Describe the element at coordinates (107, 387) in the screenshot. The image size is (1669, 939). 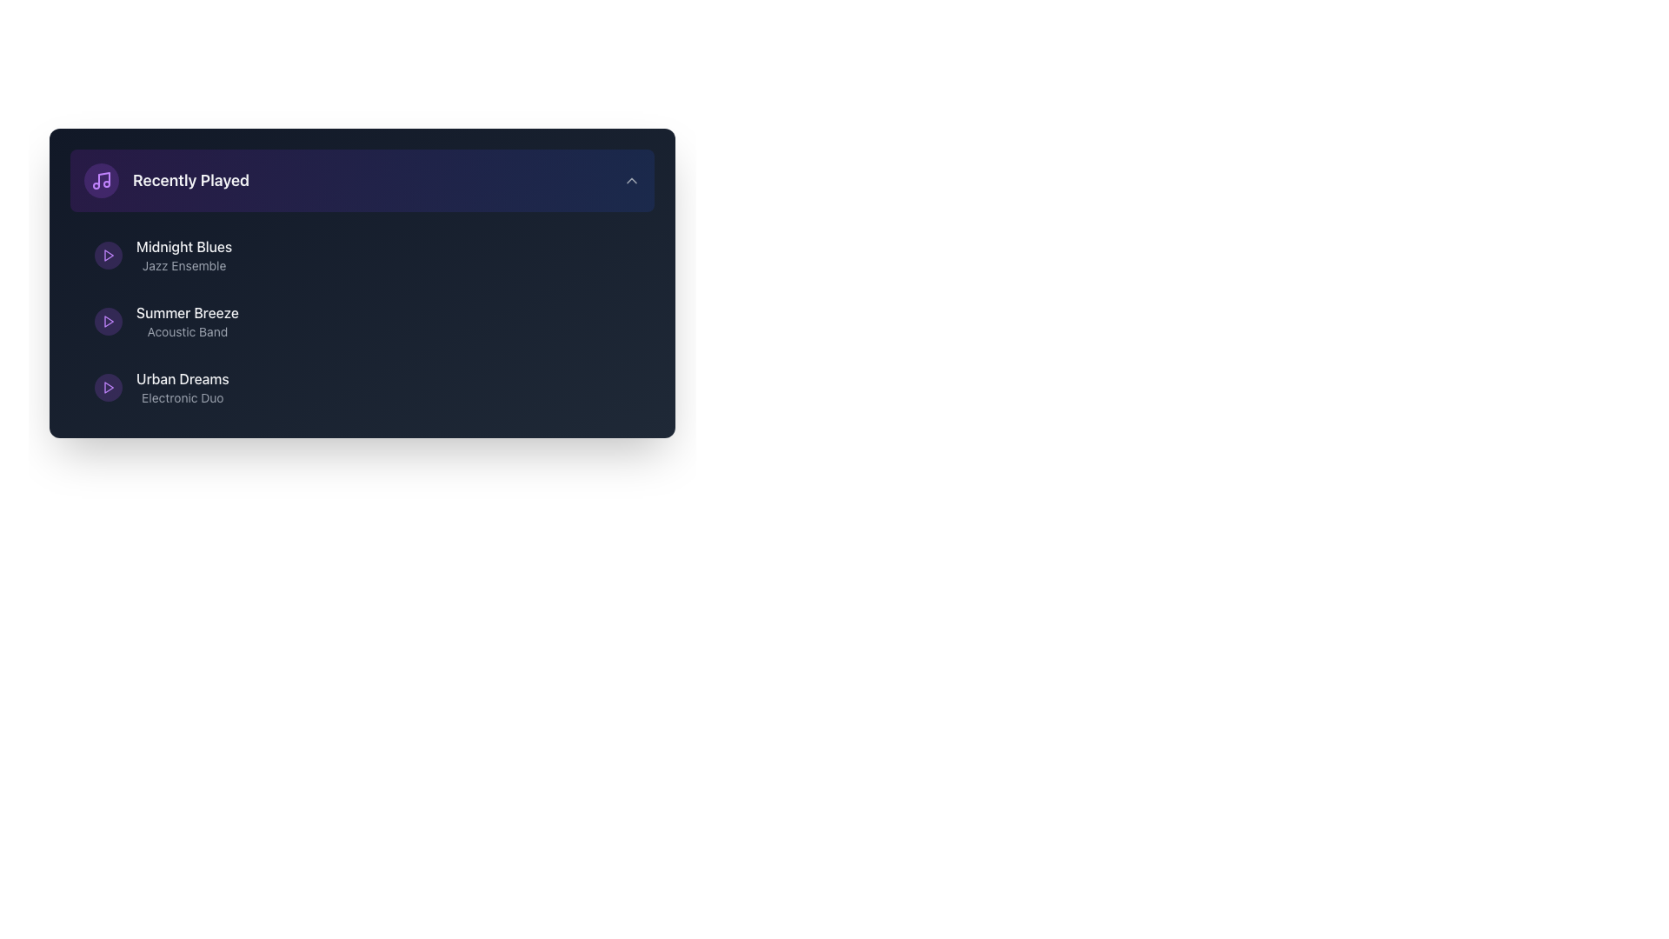
I see `the play button icon for the 'Urban Dreams' track located to the left of the text label in the 'Recently Played' section` at that location.